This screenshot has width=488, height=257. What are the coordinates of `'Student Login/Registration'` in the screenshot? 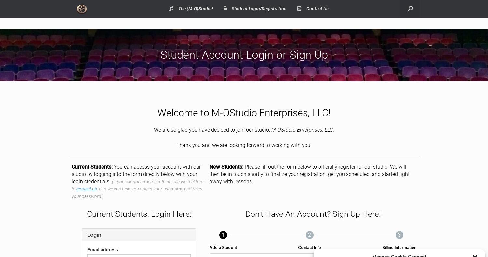 It's located at (259, 8).